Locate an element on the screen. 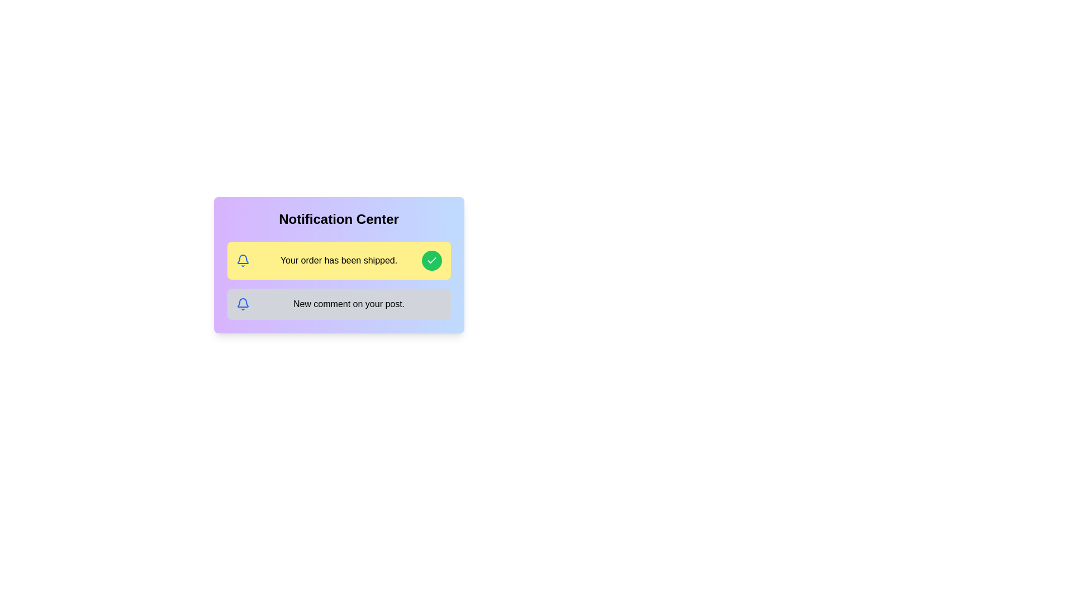 The height and width of the screenshot is (603, 1073). the visual styling of the green-filled checkmark icon located inside a circular green button to the far right of the highlighted yellow notification row that reads 'Your order has been shipped.' is located at coordinates (431, 260).